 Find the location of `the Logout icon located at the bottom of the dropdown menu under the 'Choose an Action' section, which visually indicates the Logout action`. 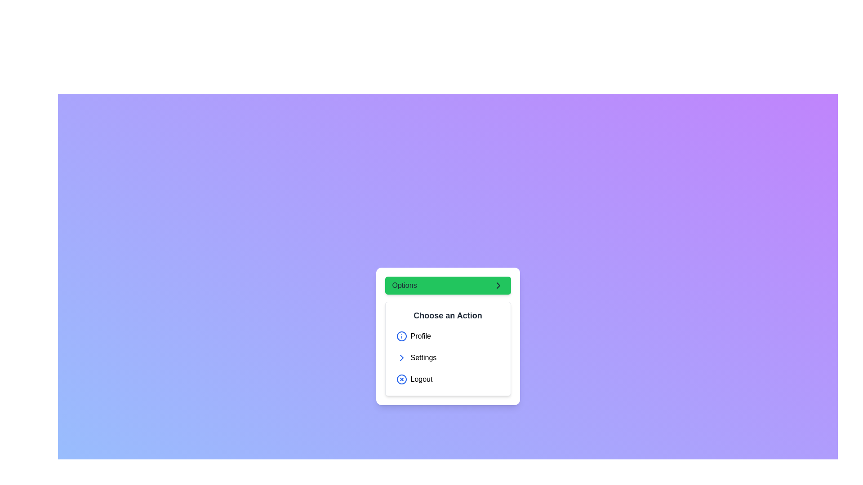

the Logout icon located at the bottom of the dropdown menu under the 'Choose an Action' section, which visually indicates the Logout action is located at coordinates (401, 379).